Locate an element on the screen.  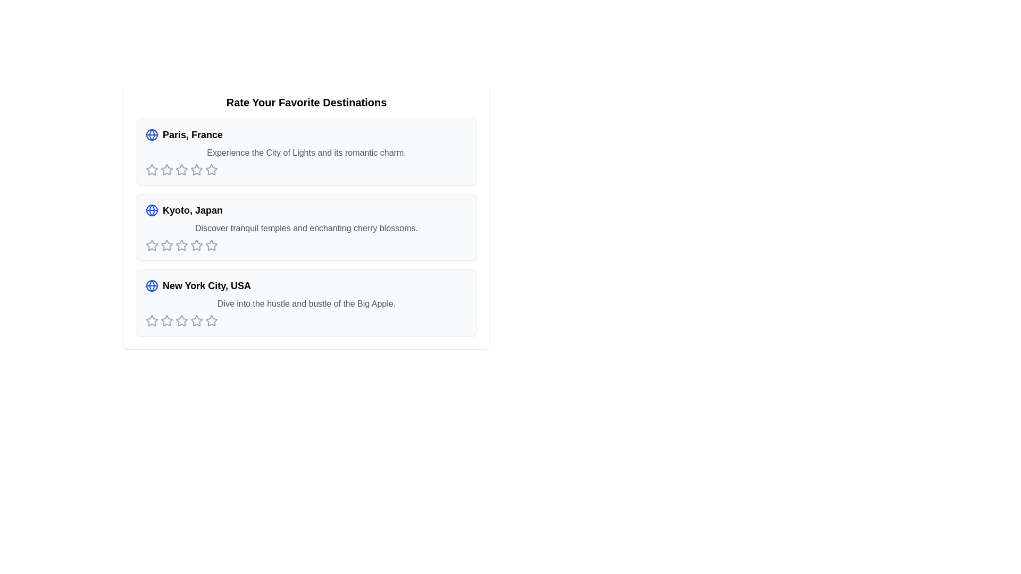
the fifth star icon in the rating mechanism located below the 'Paris, France' headline in the first content card is located at coordinates (212, 170).